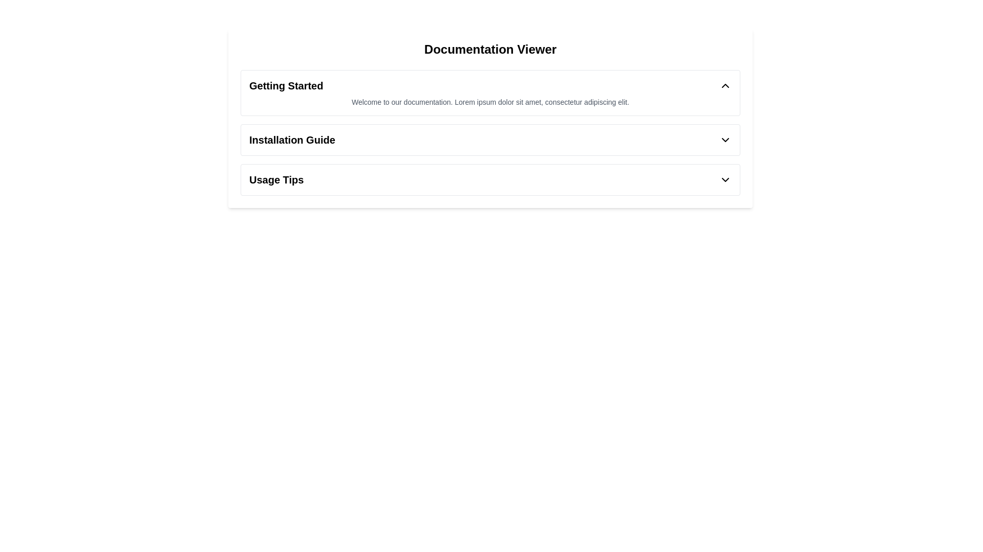 The width and height of the screenshot is (983, 552). Describe the element at coordinates (490, 49) in the screenshot. I see `prominent header text element displaying 'Documentation Viewer' located at the top of the panel` at that location.